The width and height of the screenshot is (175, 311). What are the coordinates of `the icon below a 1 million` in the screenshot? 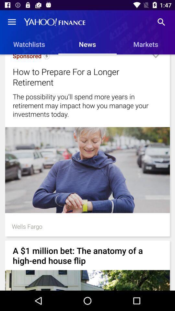 It's located at (87, 280).